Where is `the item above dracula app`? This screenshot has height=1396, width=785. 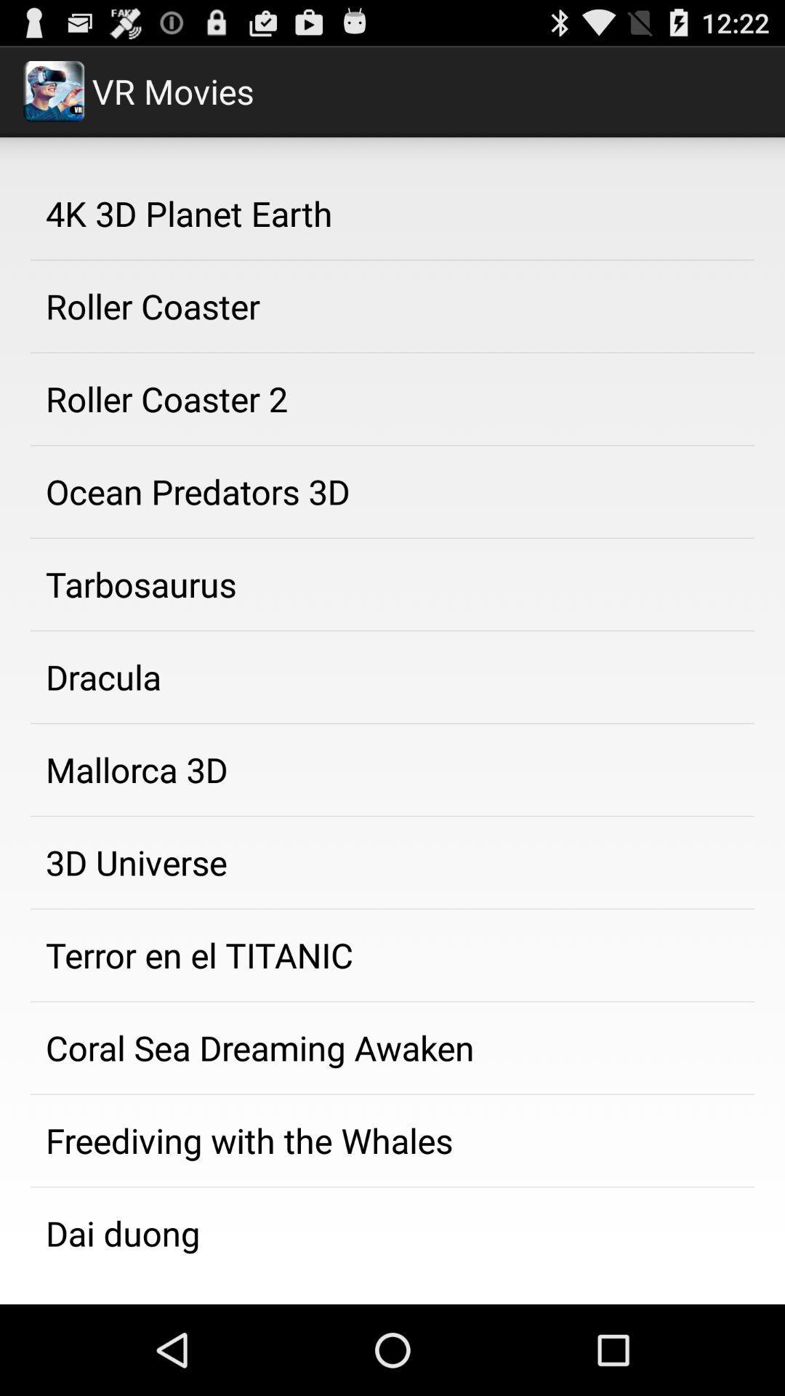 the item above dracula app is located at coordinates (392, 585).